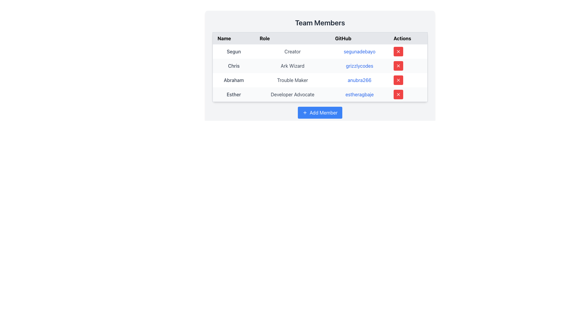 The image size is (573, 322). What do you see at coordinates (359, 80) in the screenshot?
I see `the clickable text link styled in blue saying 'anubra266' located in the third row of the 'Team Members' table` at bounding box center [359, 80].